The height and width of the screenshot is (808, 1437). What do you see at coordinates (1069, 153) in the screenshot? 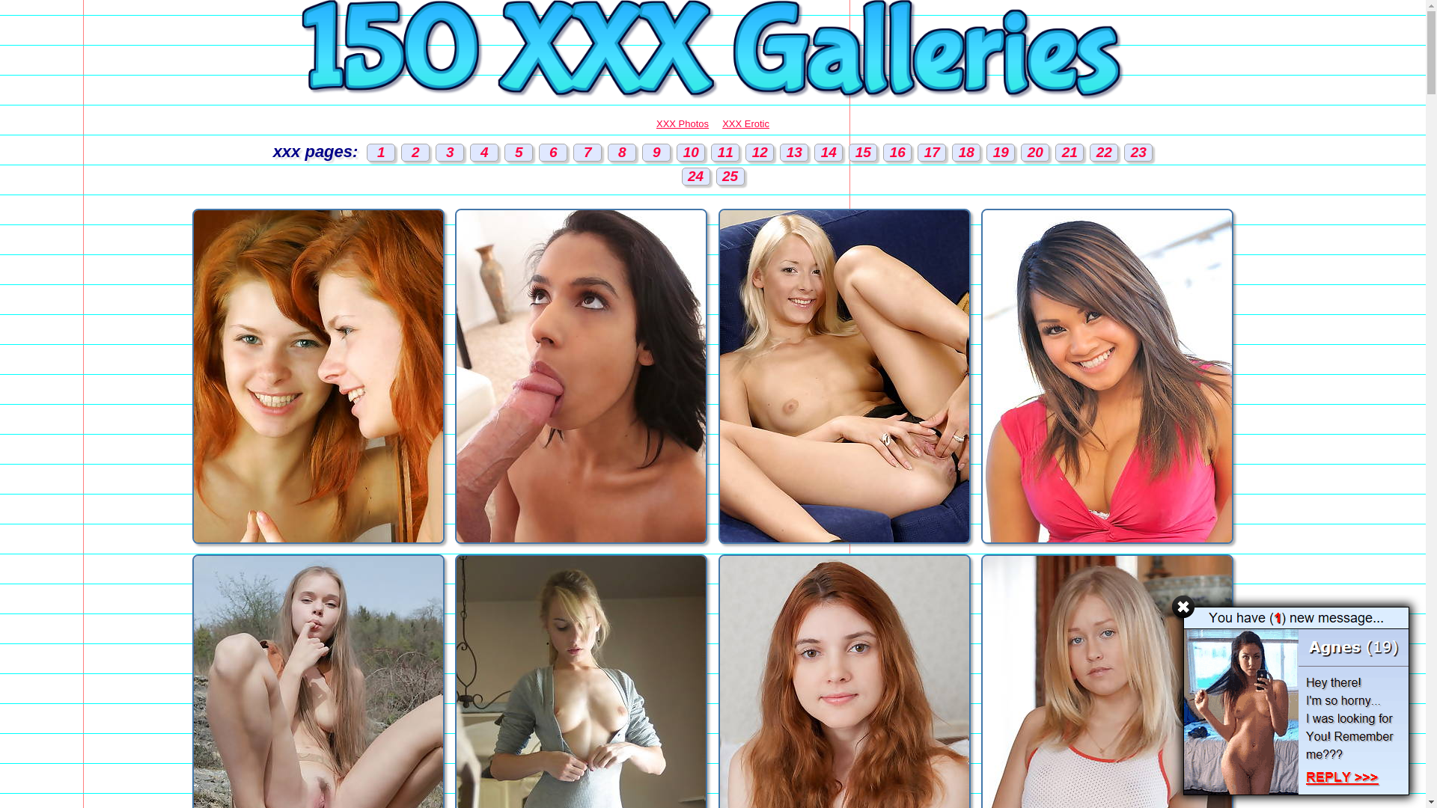
I see `'21'` at bounding box center [1069, 153].